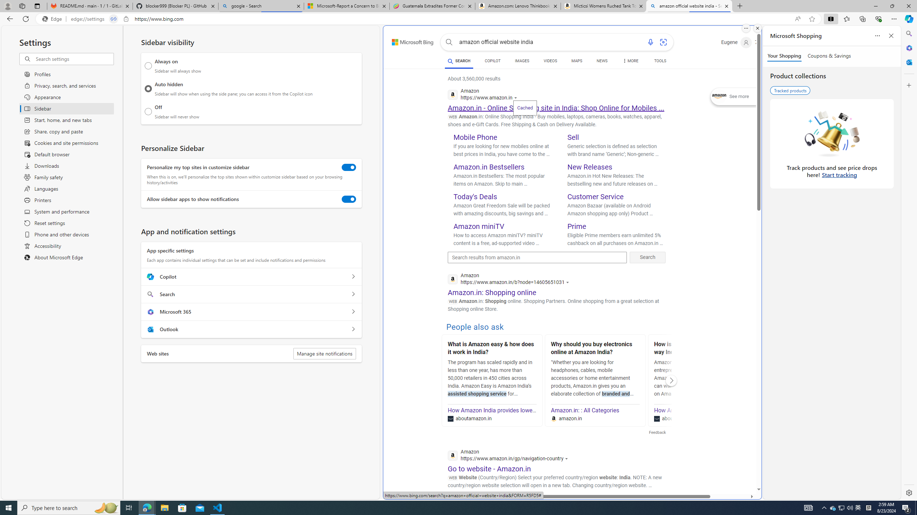 The width and height of the screenshot is (917, 515). What do you see at coordinates (550, 62) in the screenshot?
I see `'VIDEOS'` at bounding box center [550, 62].